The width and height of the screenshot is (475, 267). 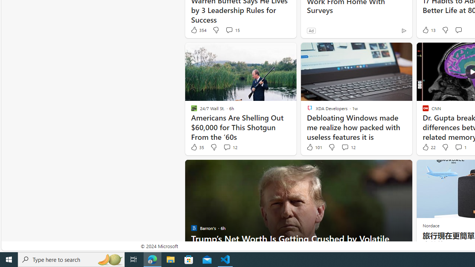 I want to click on 'See more', so click(x=403, y=169).